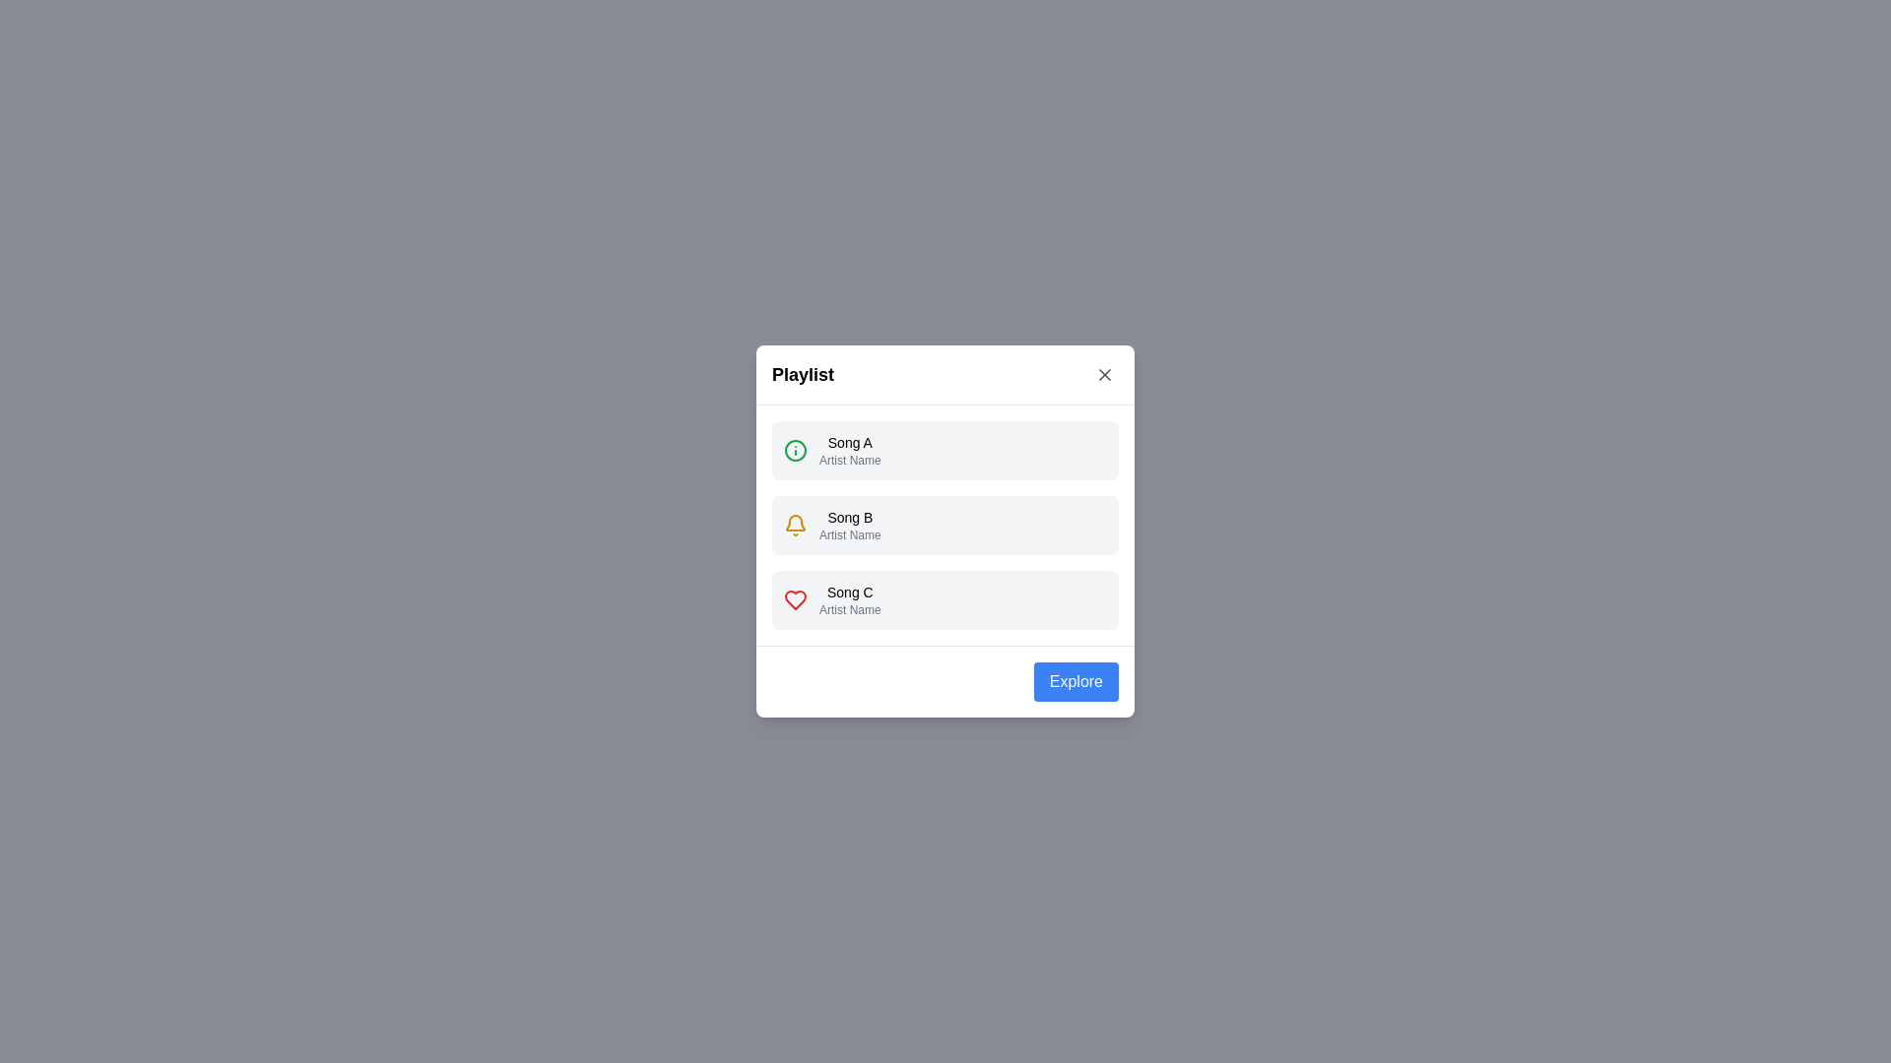 The width and height of the screenshot is (1891, 1063). Describe the element at coordinates (850, 524) in the screenshot. I see `the second list item in the playlist modal, which displays 'Song B' and 'Artist Name' with a light gray background and rounded corners` at that location.